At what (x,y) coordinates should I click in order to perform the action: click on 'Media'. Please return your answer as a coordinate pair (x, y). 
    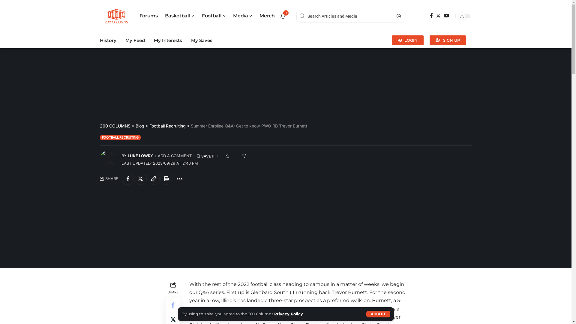
    Looking at the image, I should click on (229, 16).